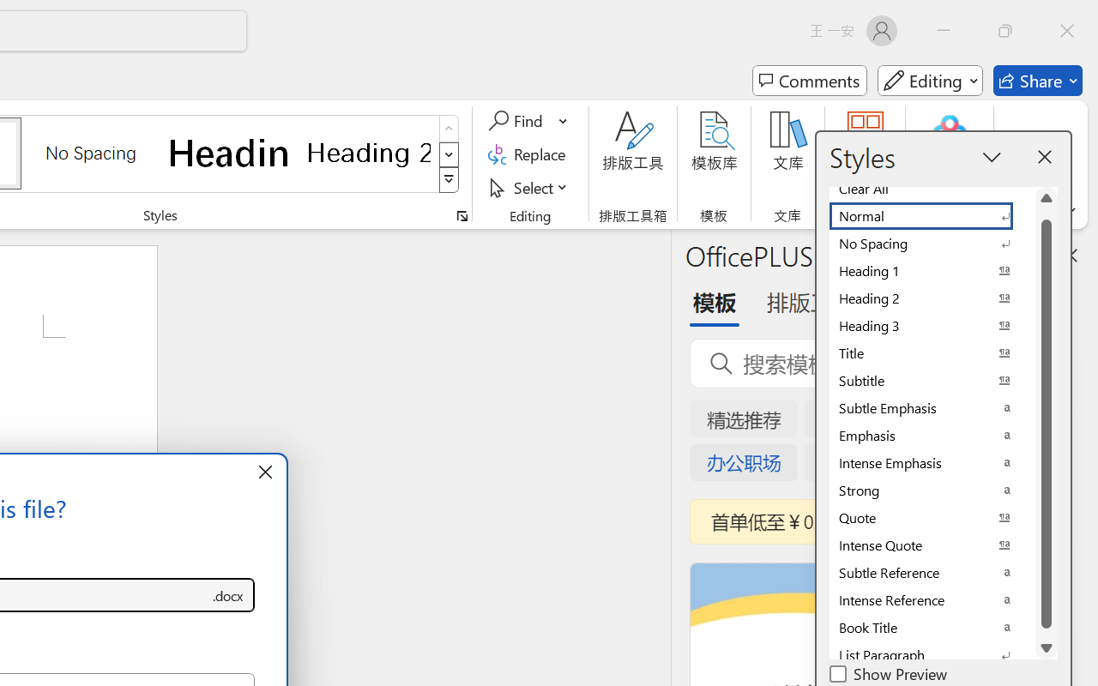 This screenshot has height=686, width=1098. I want to click on 'Share', so click(1037, 81).